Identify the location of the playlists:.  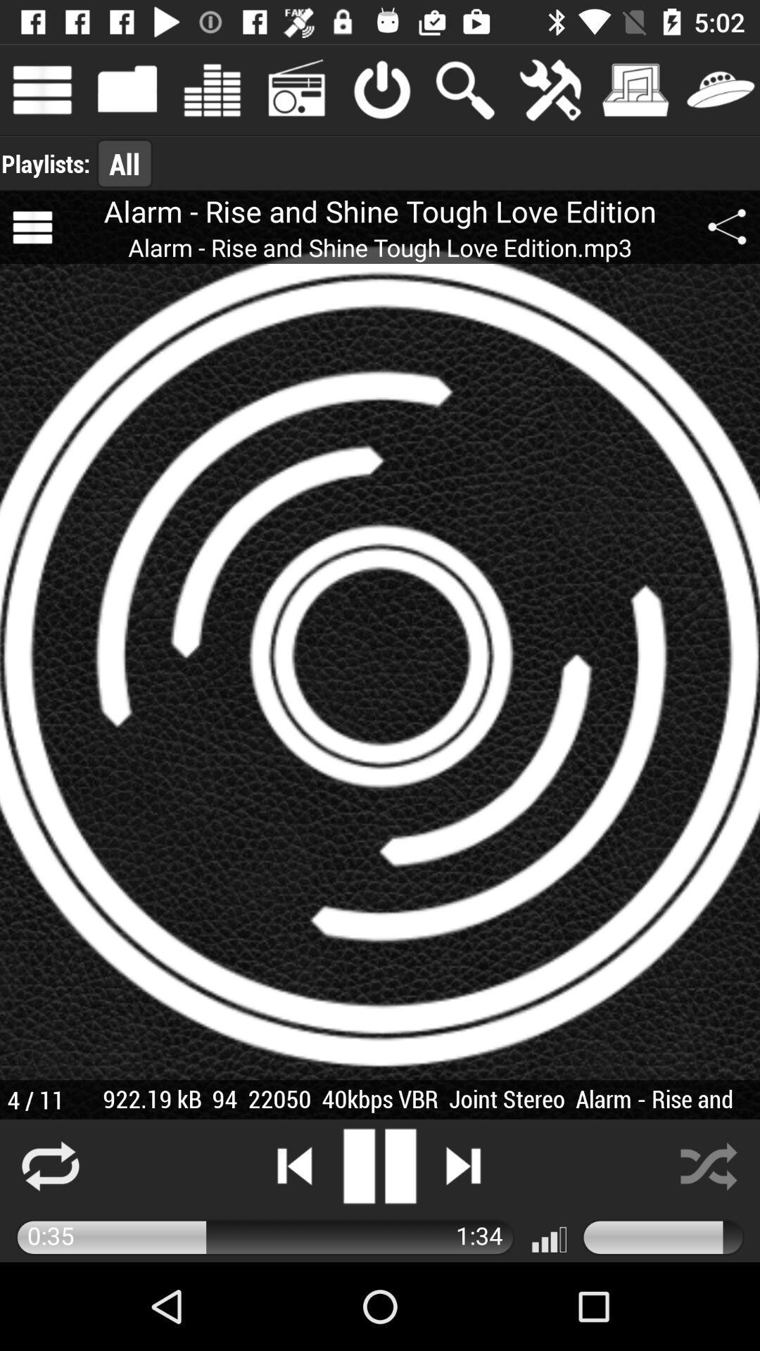
(45, 163).